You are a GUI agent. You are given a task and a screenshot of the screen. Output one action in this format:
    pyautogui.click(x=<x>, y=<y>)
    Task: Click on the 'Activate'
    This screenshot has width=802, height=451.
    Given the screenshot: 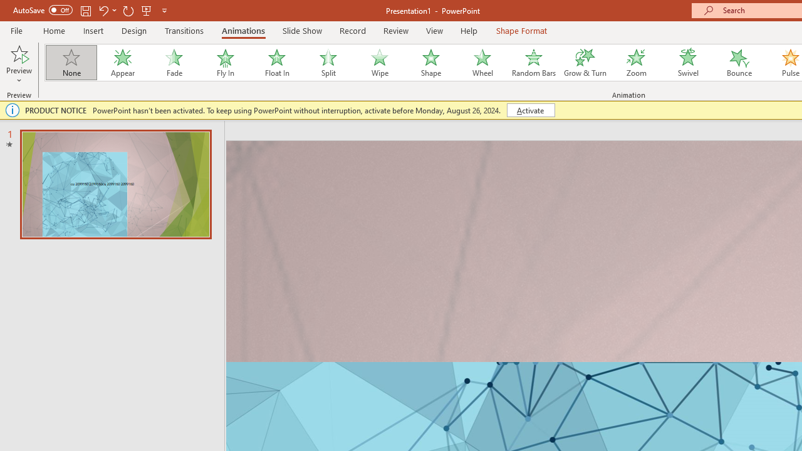 What is the action you would take?
    pyautogui.click(x=531, y=110)
    